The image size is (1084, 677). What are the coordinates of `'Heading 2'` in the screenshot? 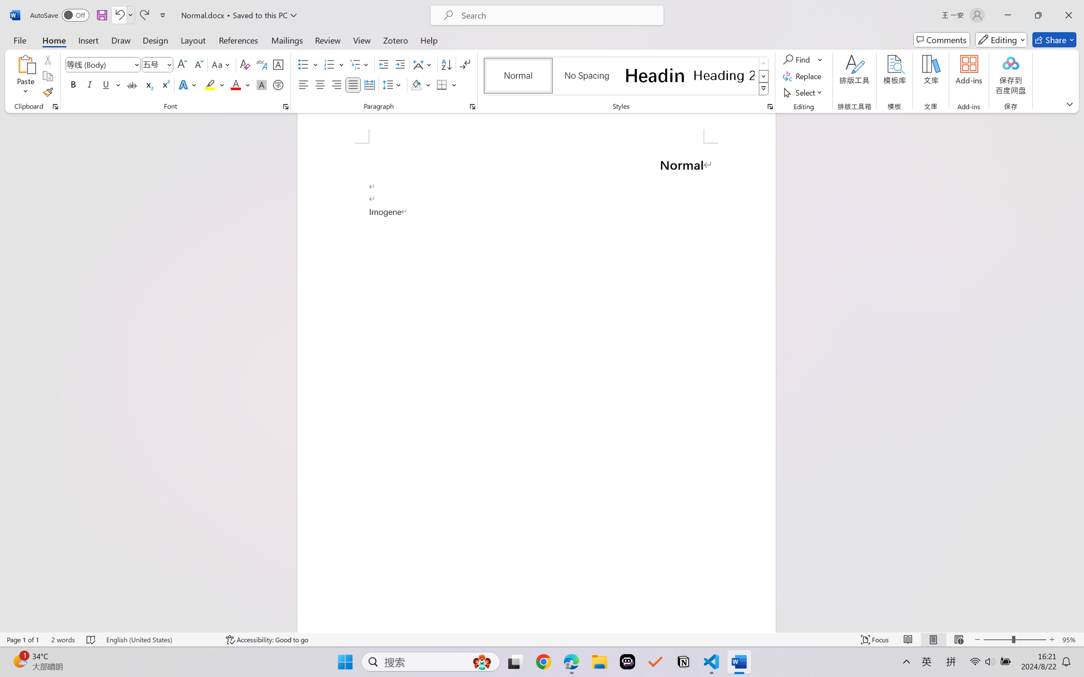 It's located at (724, 75).